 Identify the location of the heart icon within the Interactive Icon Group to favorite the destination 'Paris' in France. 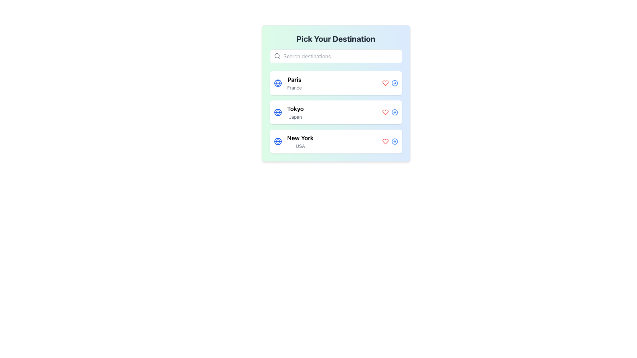
(390, 83).